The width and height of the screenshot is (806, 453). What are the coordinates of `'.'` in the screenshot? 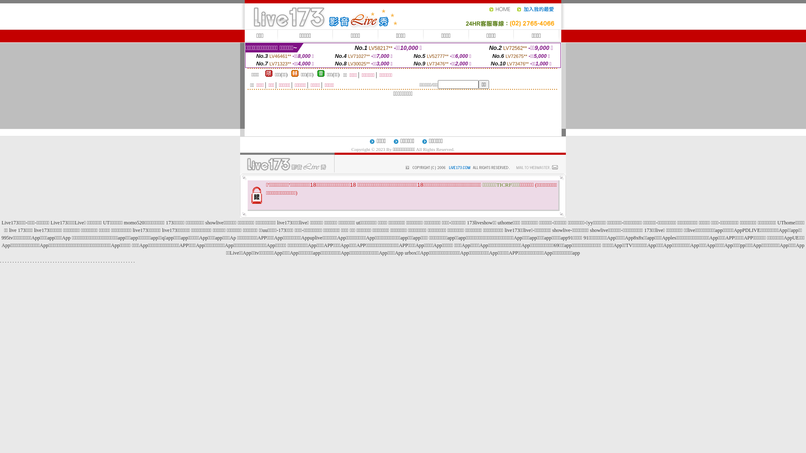 It's located at (118, 260).